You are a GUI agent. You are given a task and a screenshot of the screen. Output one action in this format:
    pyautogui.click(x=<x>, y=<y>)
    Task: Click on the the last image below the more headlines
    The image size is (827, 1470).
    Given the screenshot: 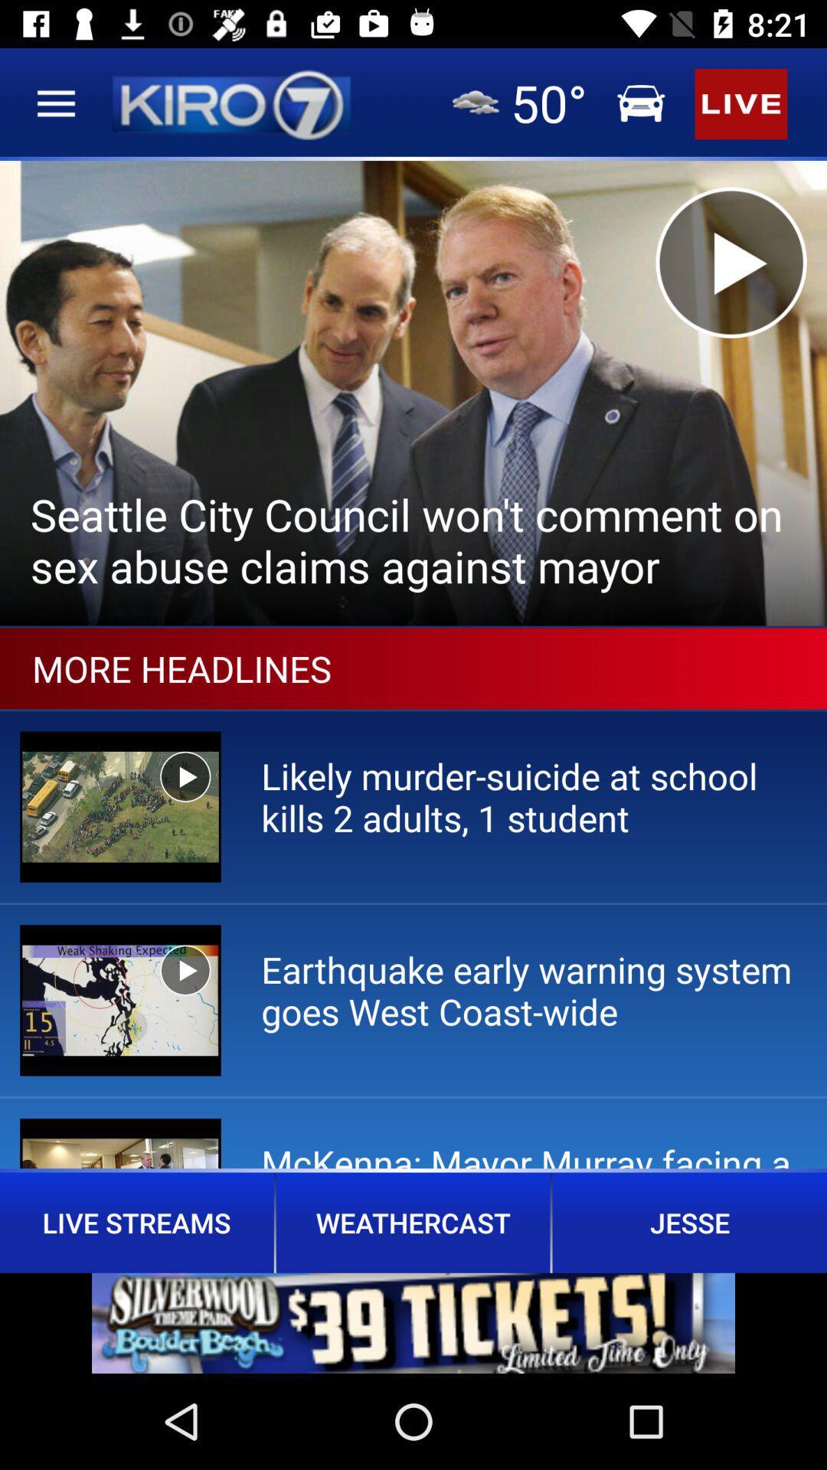 What is the action you would take?
    pyautogui.click(x=119, y=1143)
    